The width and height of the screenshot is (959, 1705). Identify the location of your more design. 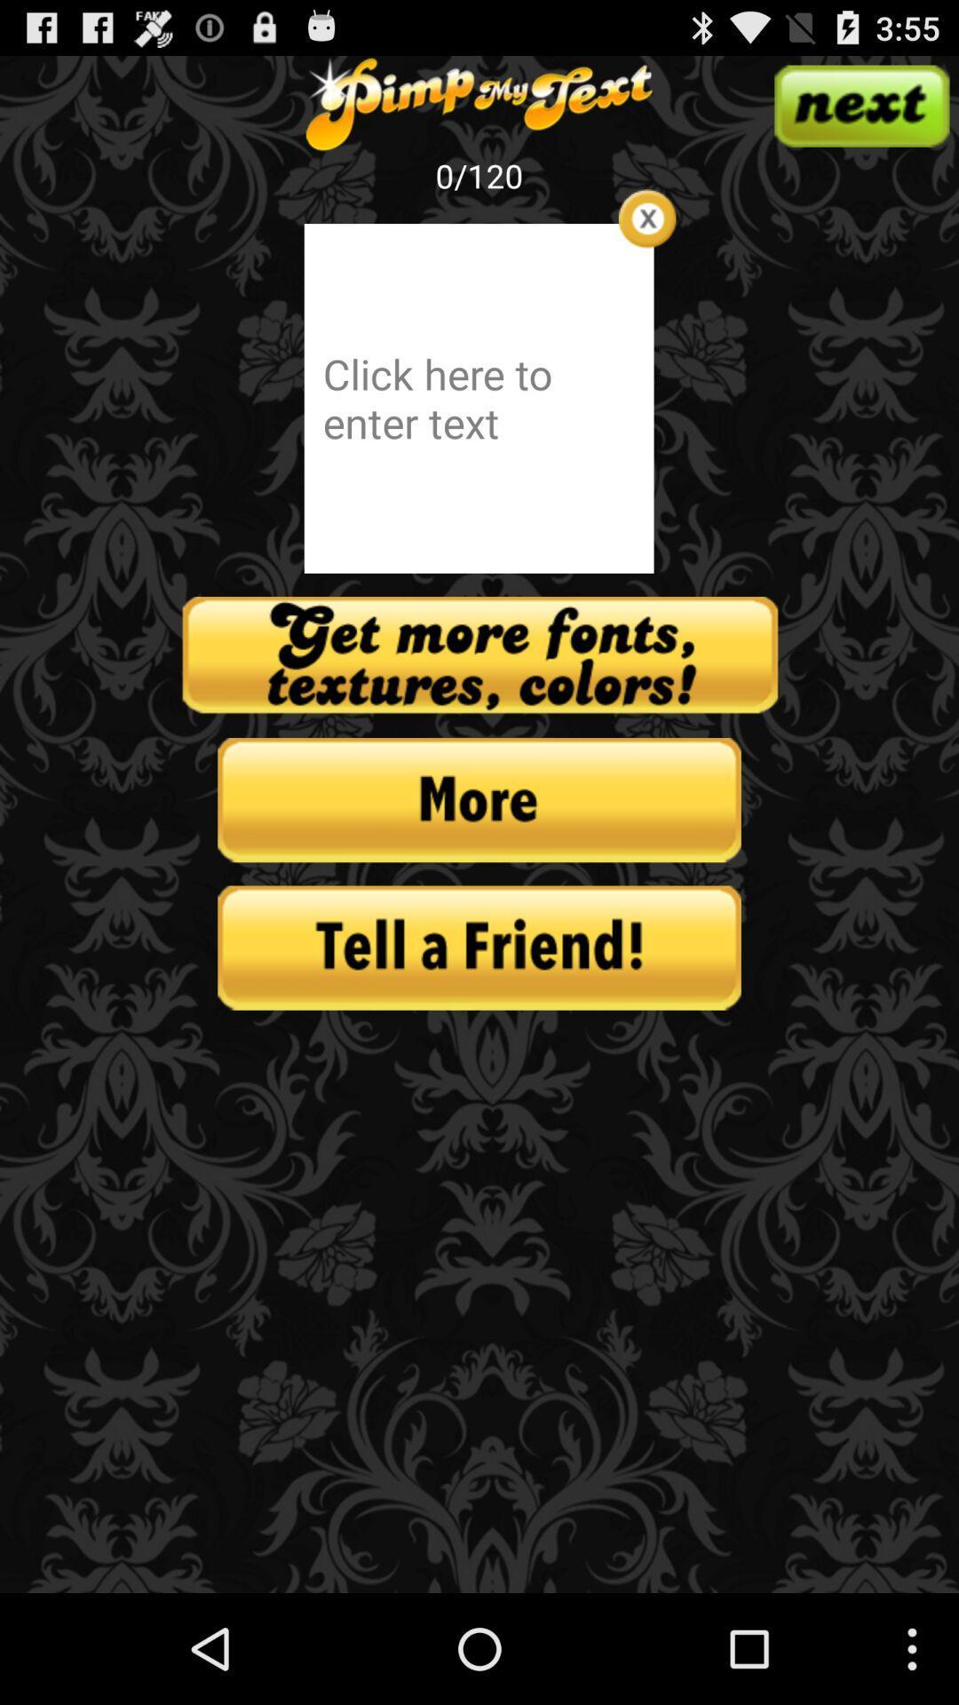
(479, 654).